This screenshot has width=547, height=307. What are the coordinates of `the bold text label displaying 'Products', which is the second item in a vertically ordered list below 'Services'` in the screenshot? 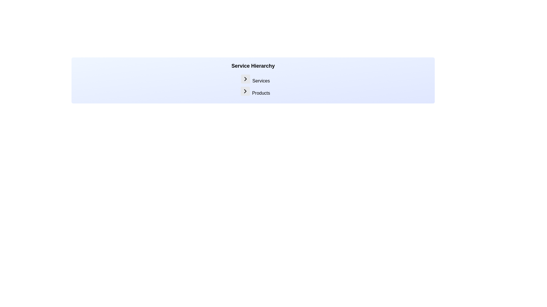 It's located at (255, 91).